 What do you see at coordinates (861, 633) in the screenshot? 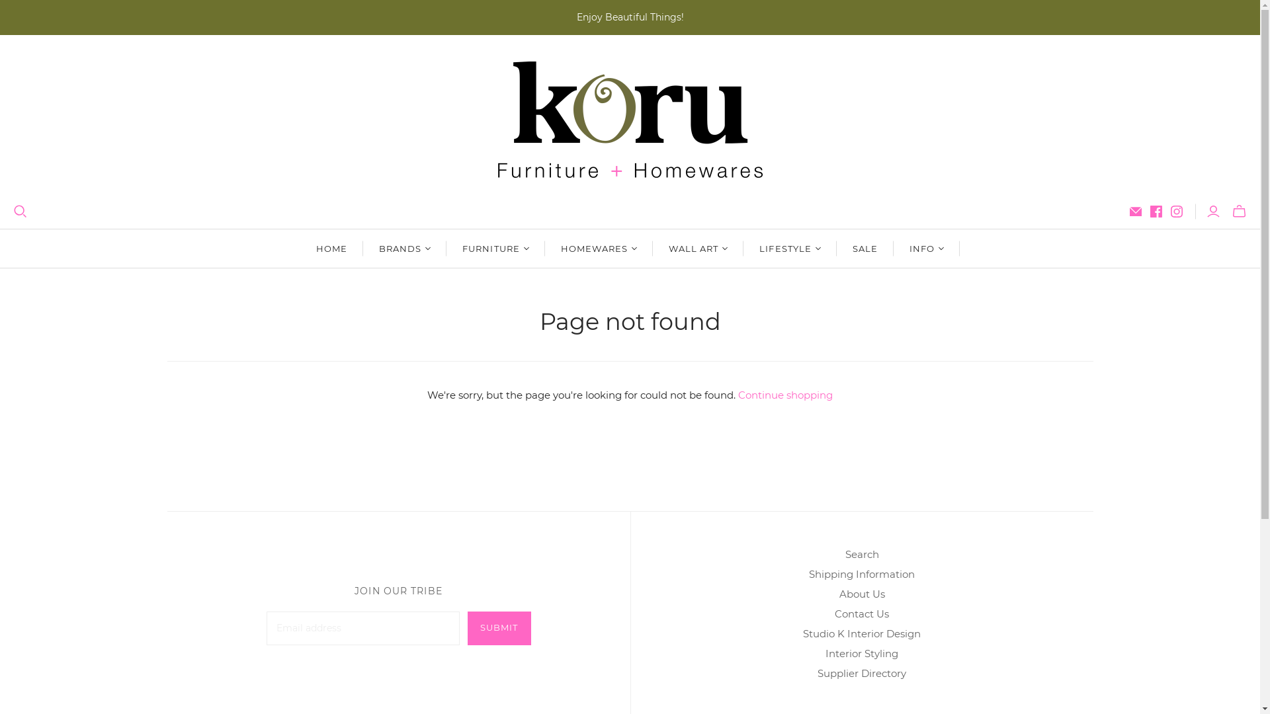
I see `'Studio K Interior Design'` at bounding box center [861, 633].